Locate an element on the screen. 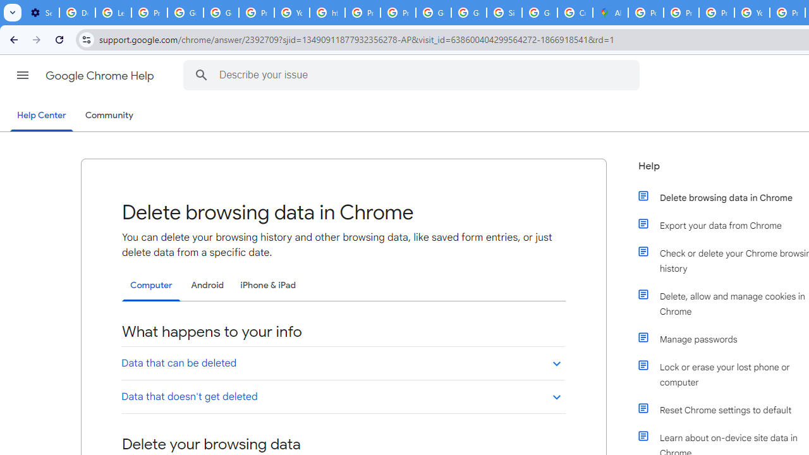  'Google Account Help' is located at coordinates (185, 13).